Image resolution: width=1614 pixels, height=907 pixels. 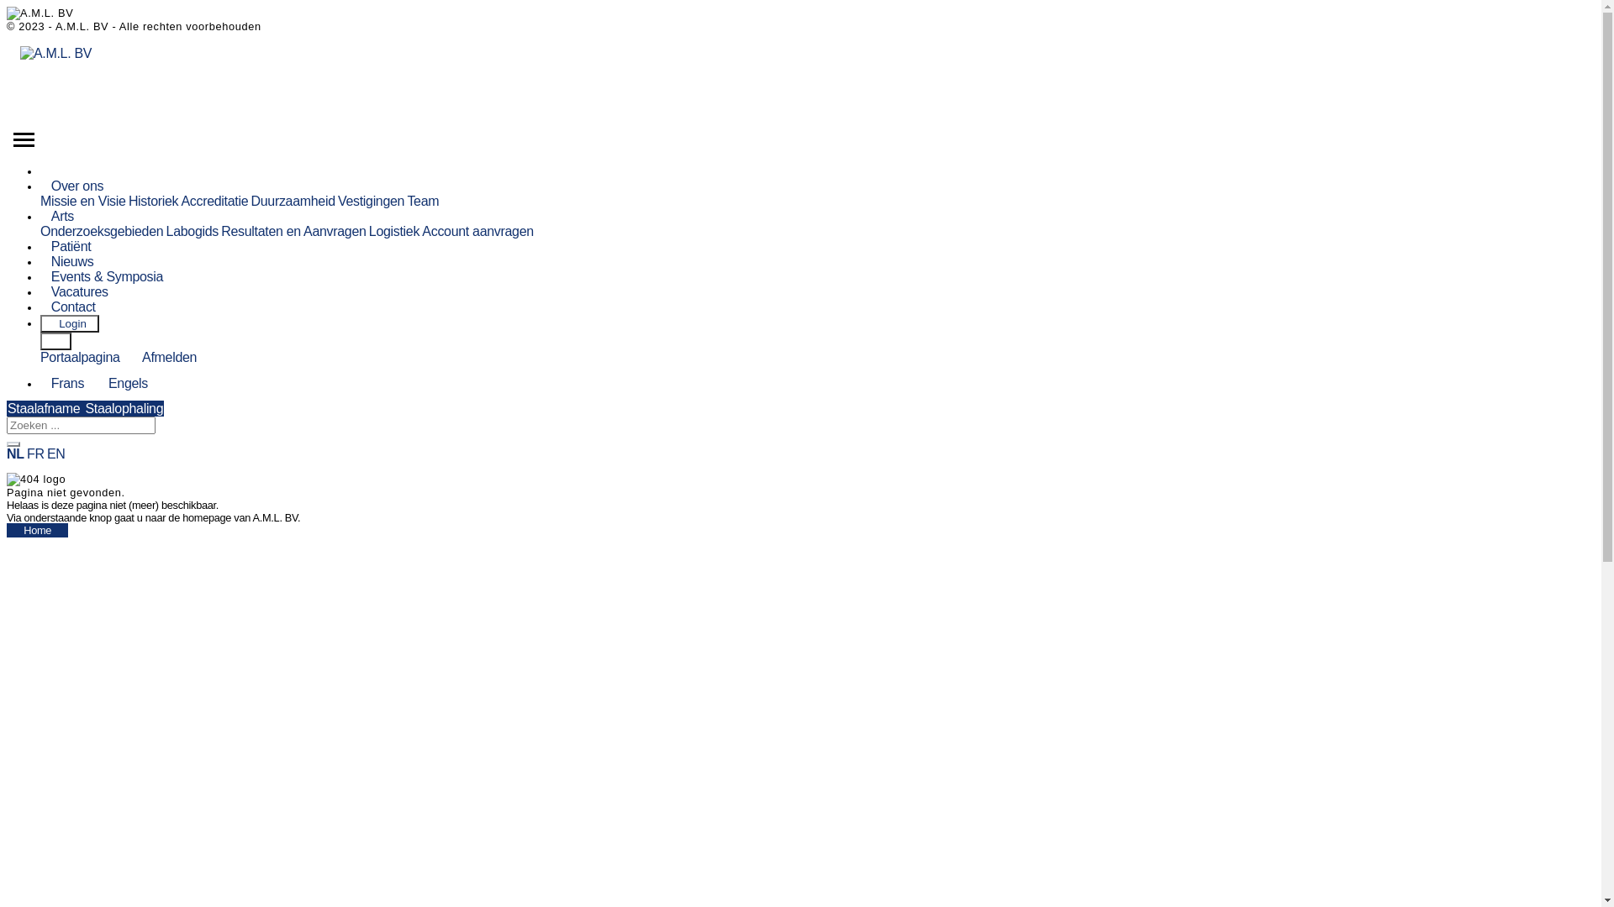 I want to click on 'Nieuws', so click(x=71, y=261).